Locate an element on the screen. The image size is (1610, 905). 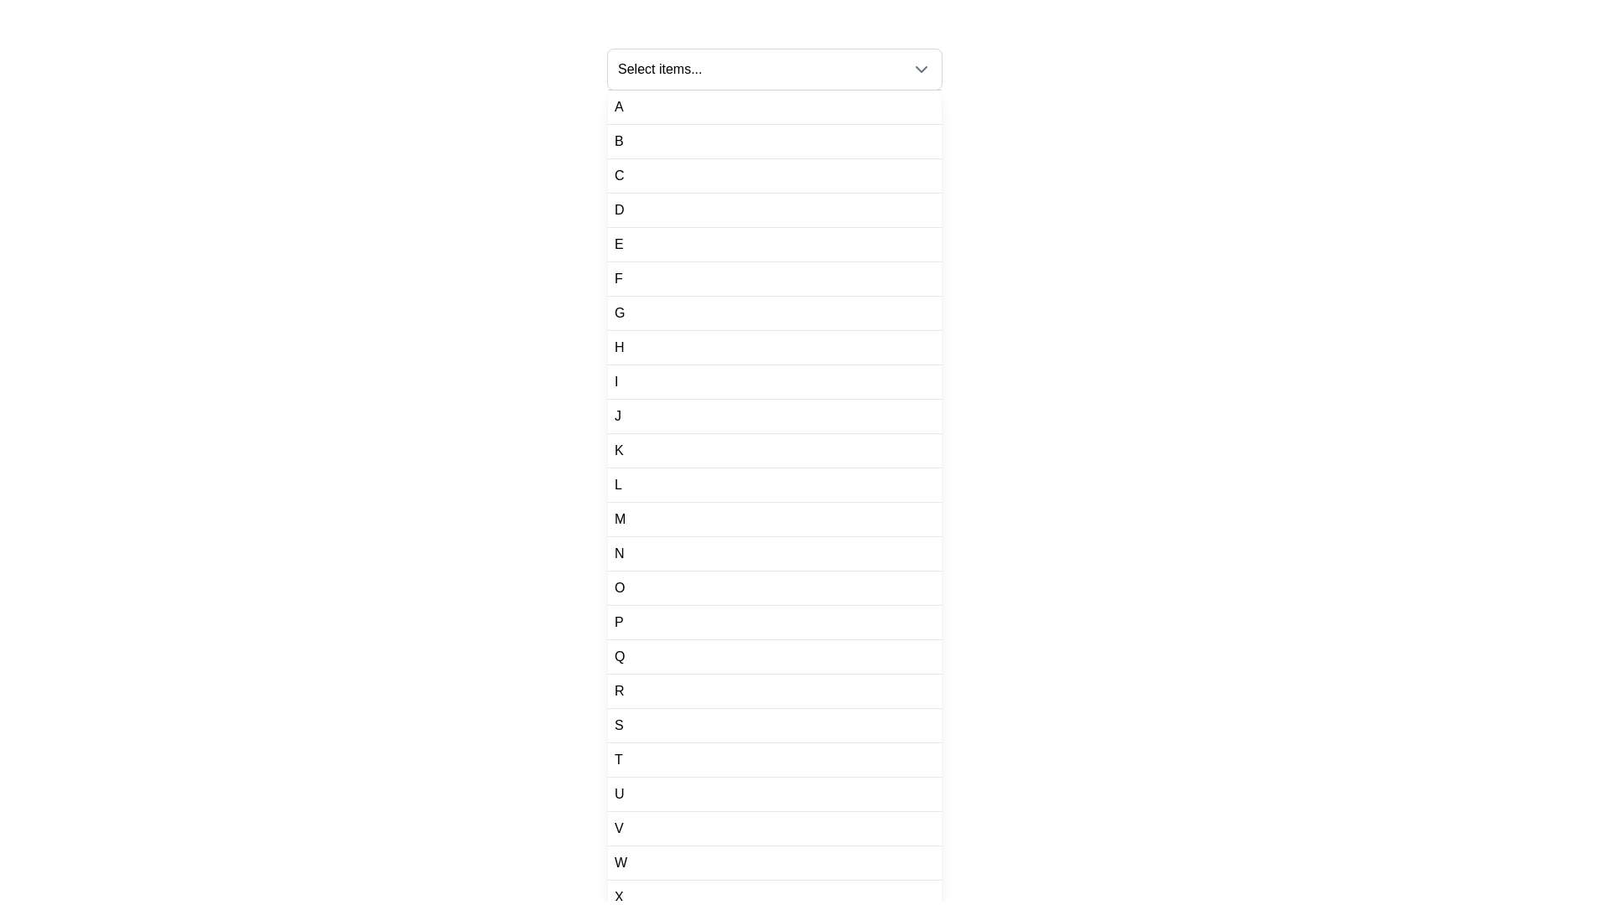
the alphabetical menu item 'J' in the dropdown list is located at coordinates (774, 416).